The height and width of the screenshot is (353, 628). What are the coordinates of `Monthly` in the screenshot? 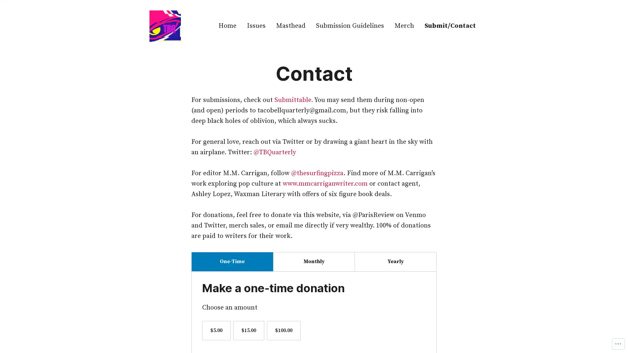 It's located at (313, 261).